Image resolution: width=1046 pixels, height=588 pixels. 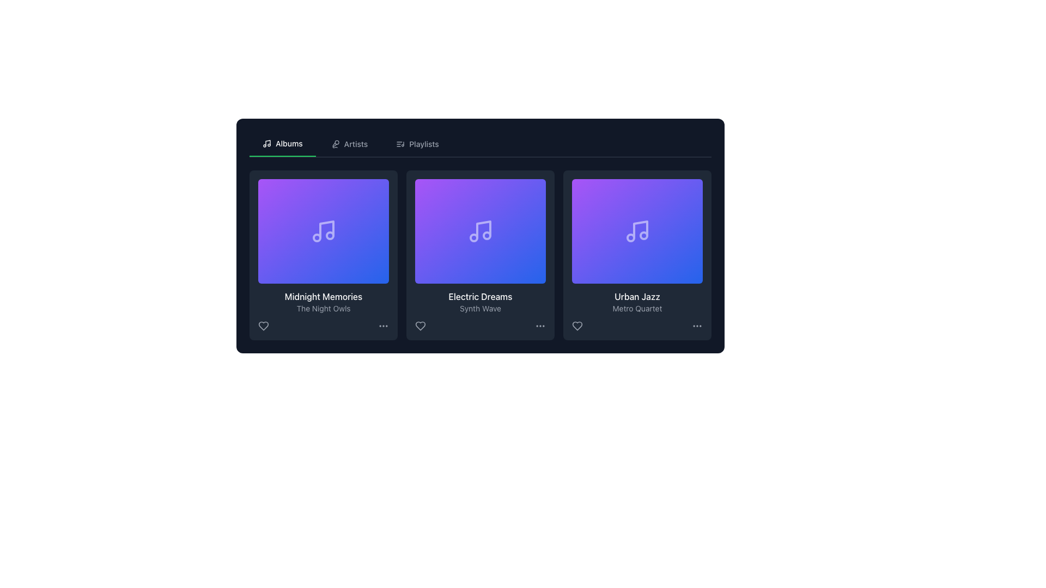 What do you see at coordinates (480, 302) in the screenshot?
I see `title 'Electric Dreams' and subtitle 'Synth Wave' from the text label located in the bottom section of the central card in the Albums tab` at bounding box center [480, 302].